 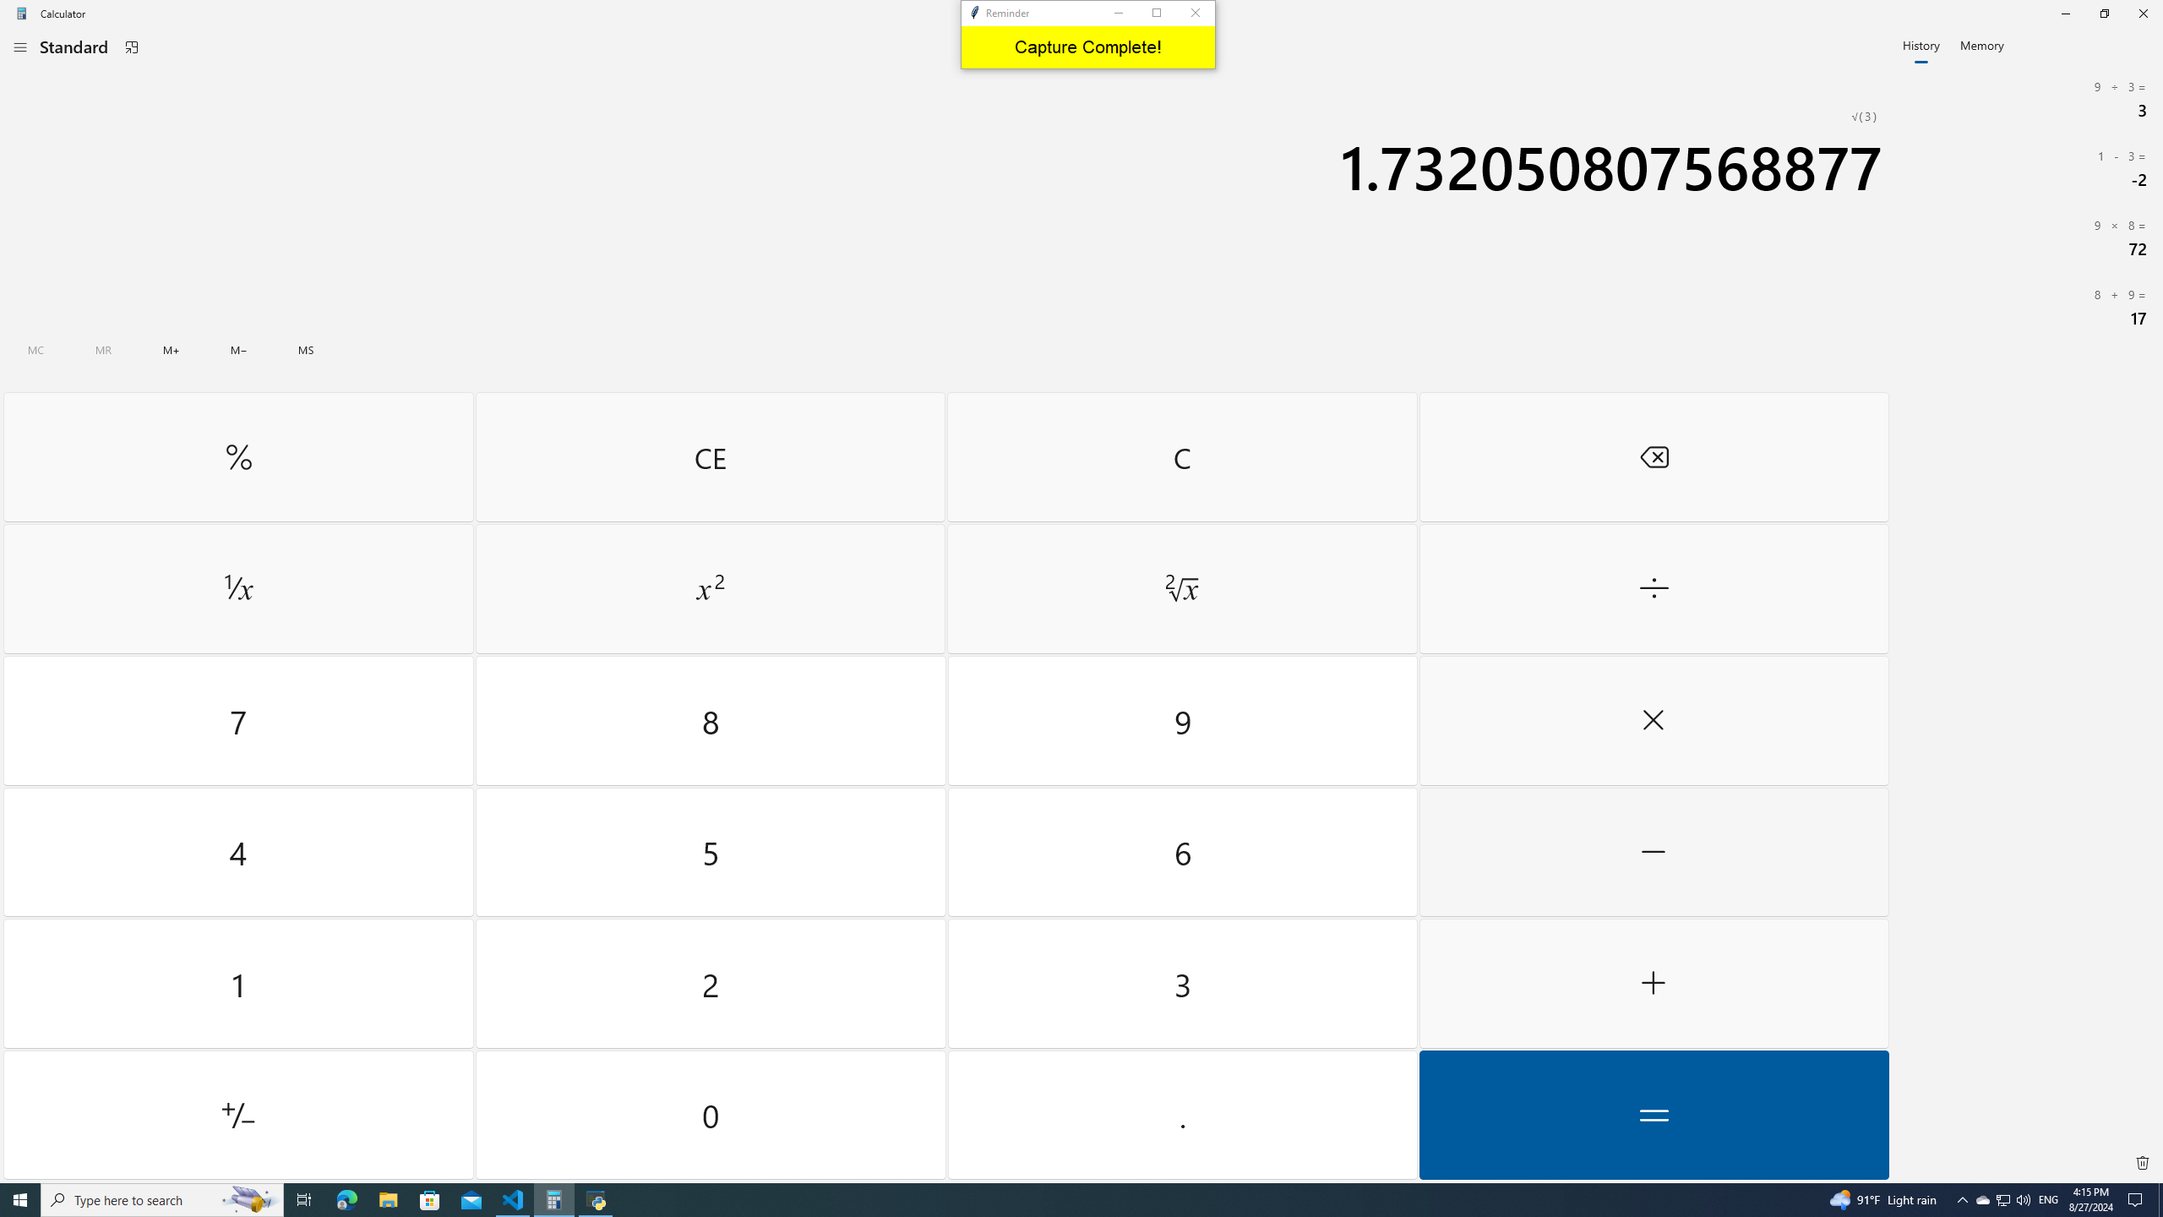 I want to click on 'Clear all history', so click(x=2142, y=1161).